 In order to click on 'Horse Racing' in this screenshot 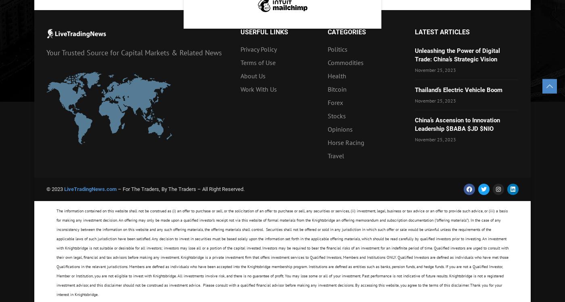, I will do `click(345, 142)`.